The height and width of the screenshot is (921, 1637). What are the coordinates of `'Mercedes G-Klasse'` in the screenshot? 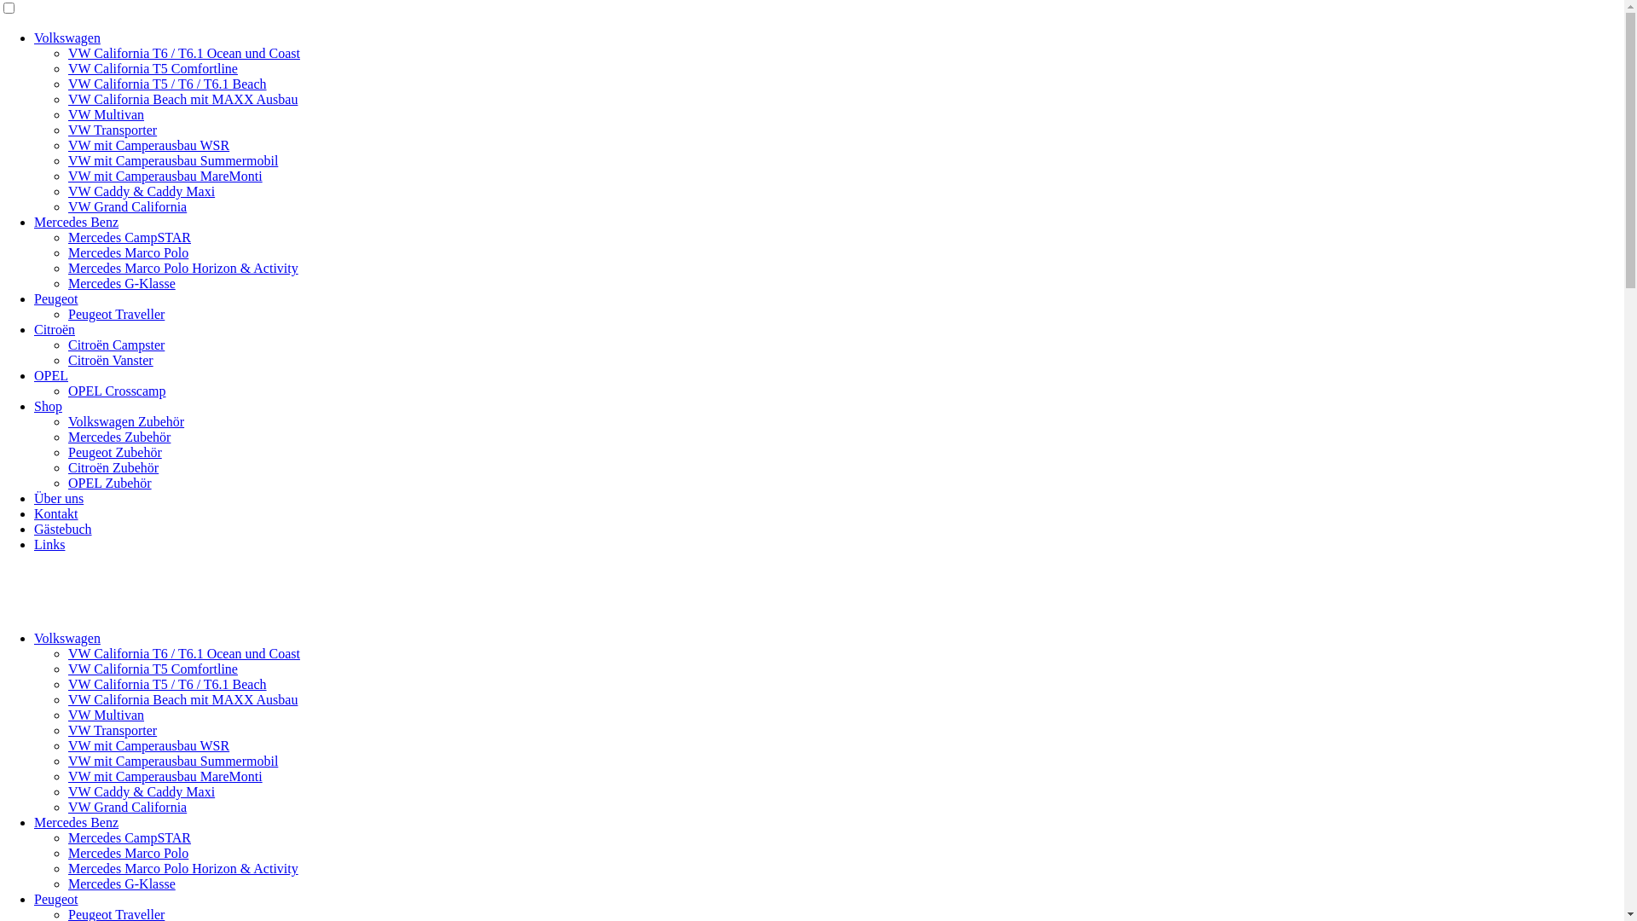 It's located at (121, 282).